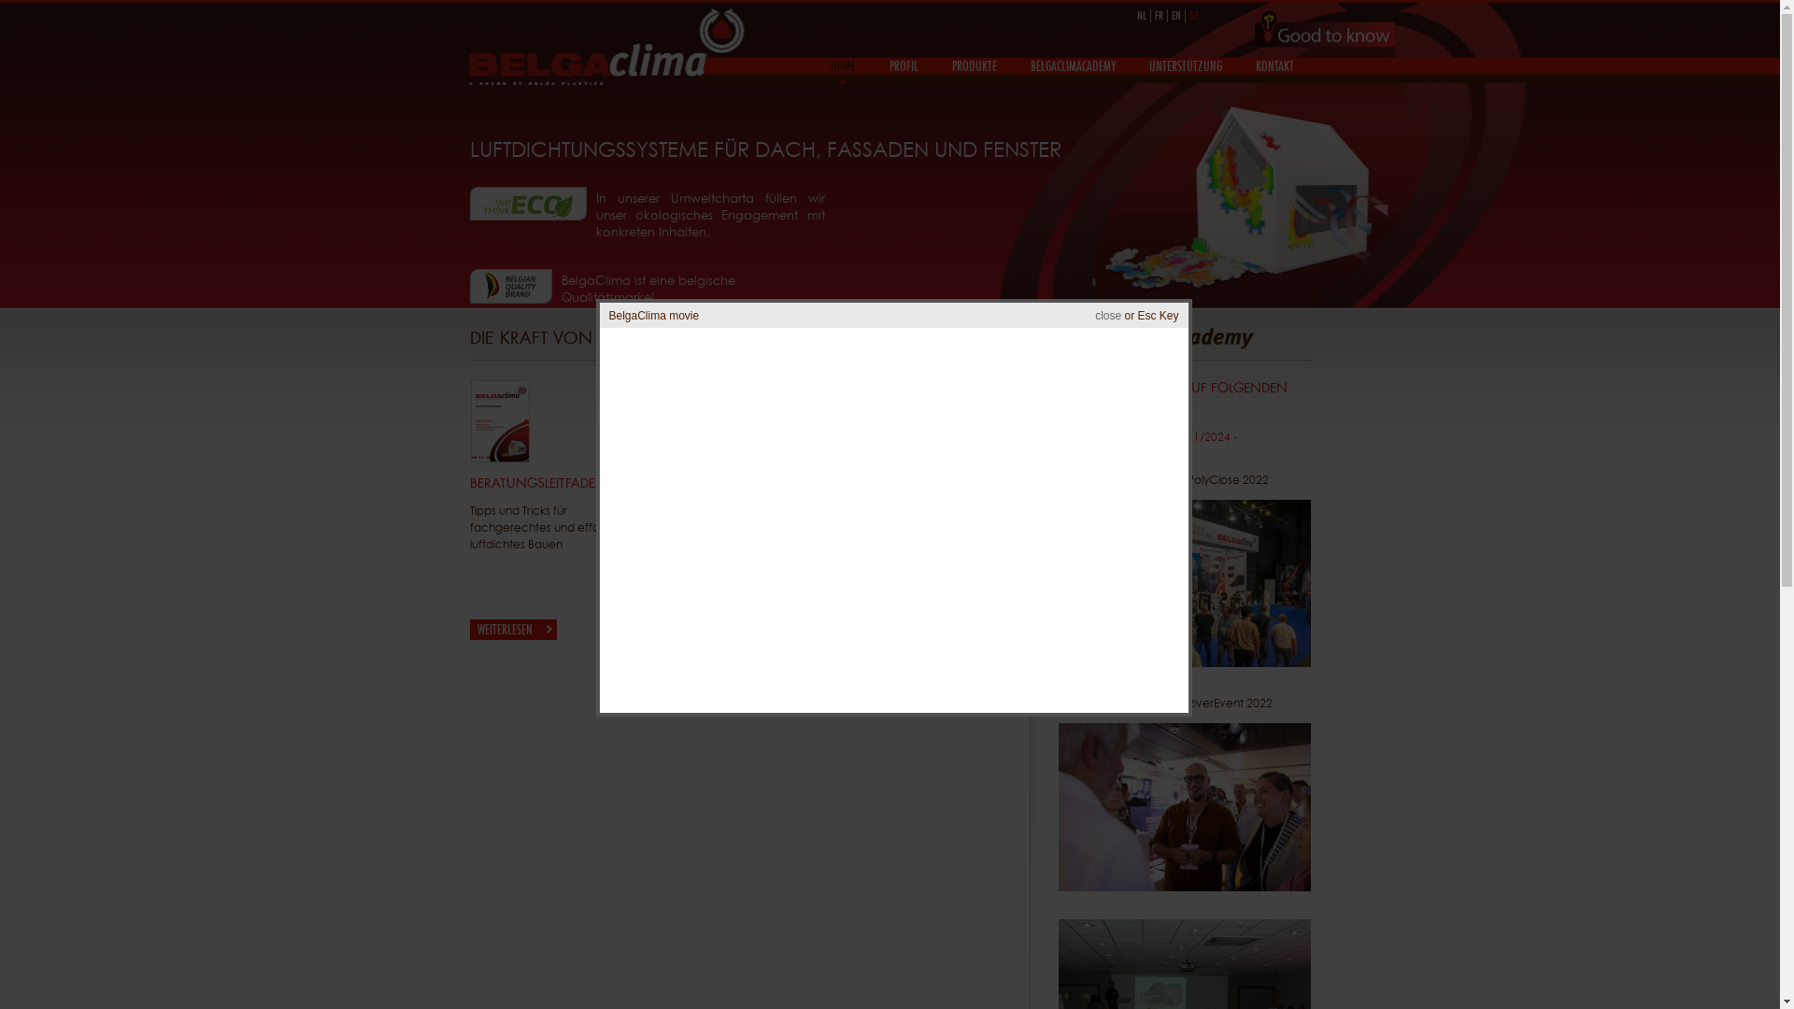  What do you see at coordinates (1158, 15) in the screenshot?
I see `'FR'` at bounding box center [1158, 15].